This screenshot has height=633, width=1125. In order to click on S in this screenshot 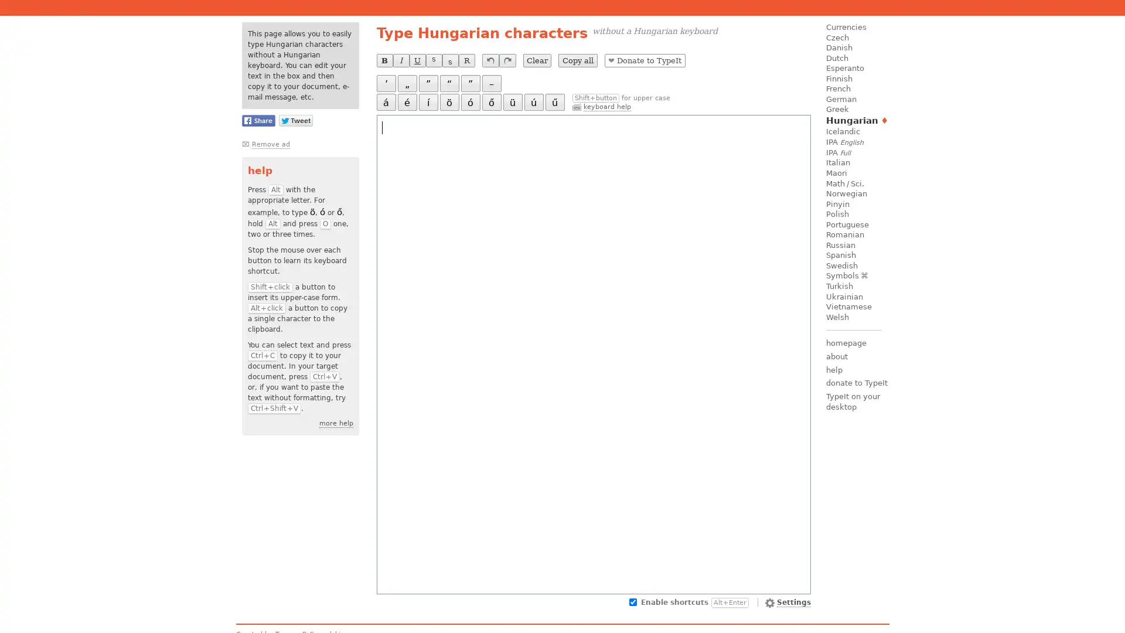, I will do `click(432, 60)`.